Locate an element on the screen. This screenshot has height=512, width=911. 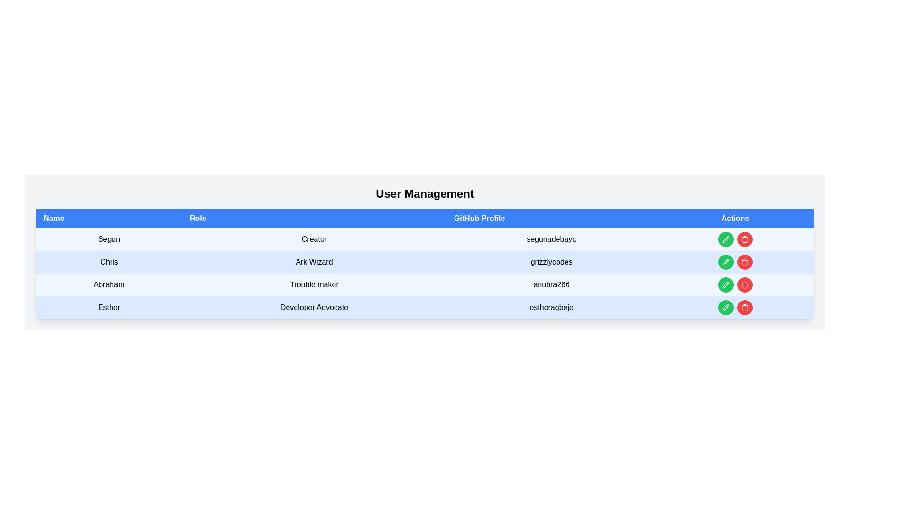
the first row of the user data table displaying information for 'Segun' with the role 'Creator' and GitHub profile 'segunadebayo', which contains action buttons for editing and deleting is located at coordinates (424, 239).